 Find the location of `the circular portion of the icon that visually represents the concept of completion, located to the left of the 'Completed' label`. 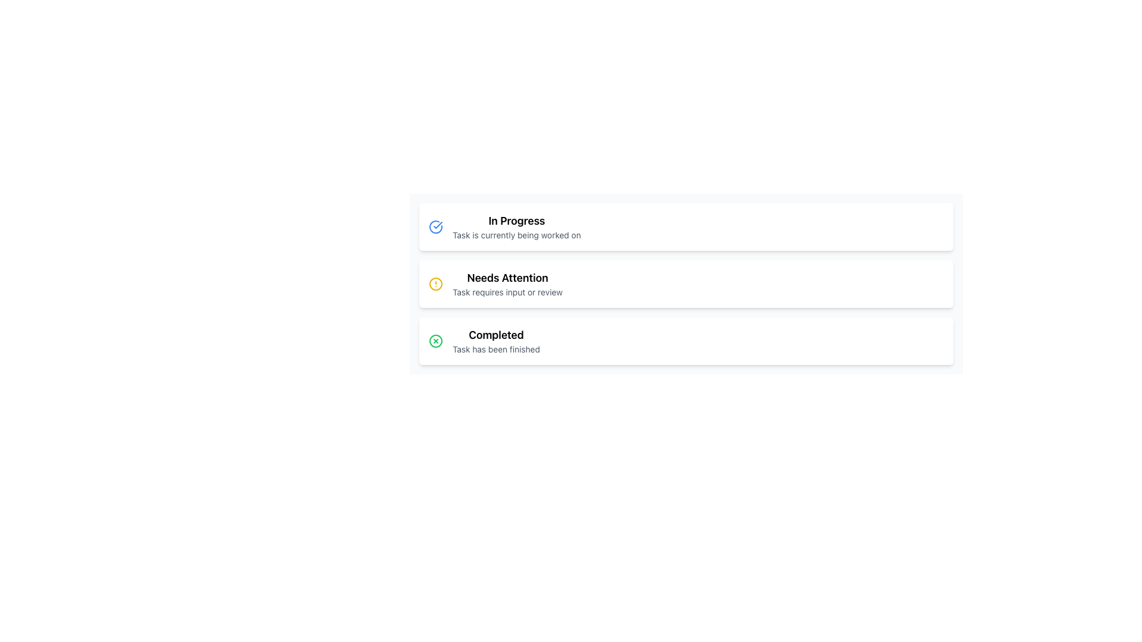

the circular portion of the icon that visually represents the concept of completion, located to the left of the 'Completed' label is located at coordinates (435, 341).